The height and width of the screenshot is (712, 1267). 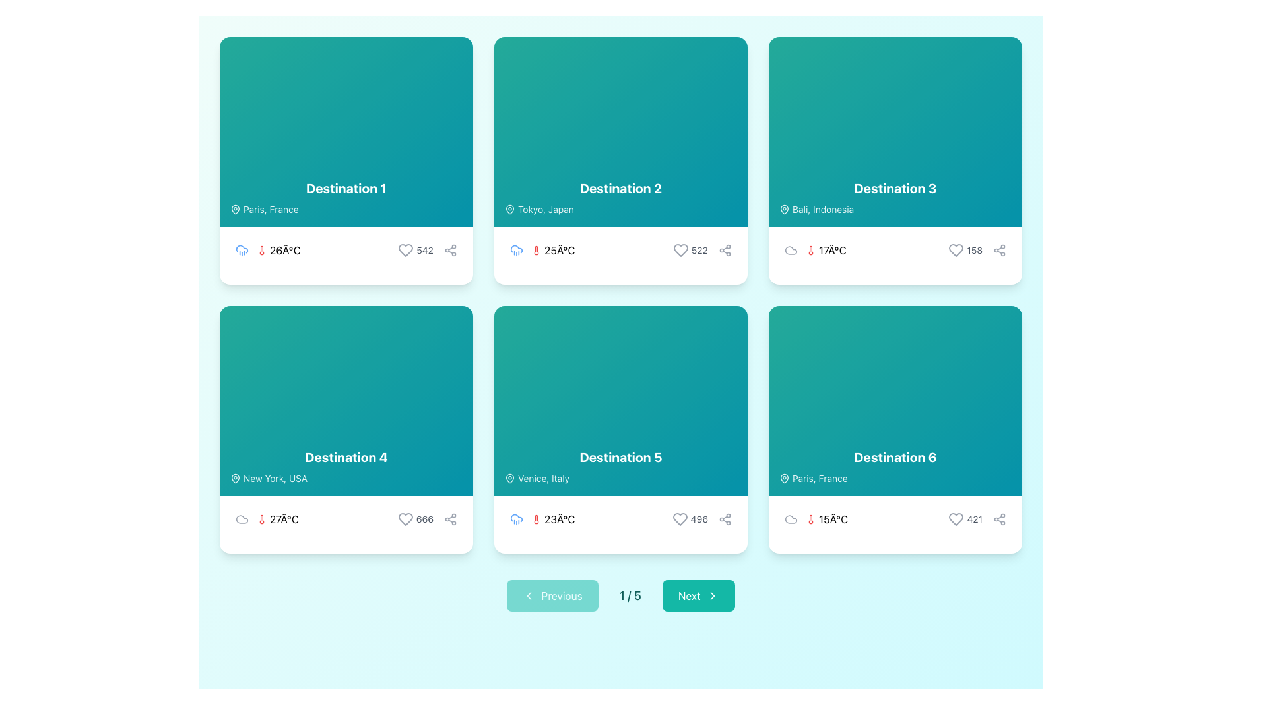 What do you see at coordinates (536, 518) in the screenshot?
I see `the red thermometer icon within the card labeled 'Destination 5: Venice, Italy', located in the second row and second column of the layout` at bounding box center [536, 518].